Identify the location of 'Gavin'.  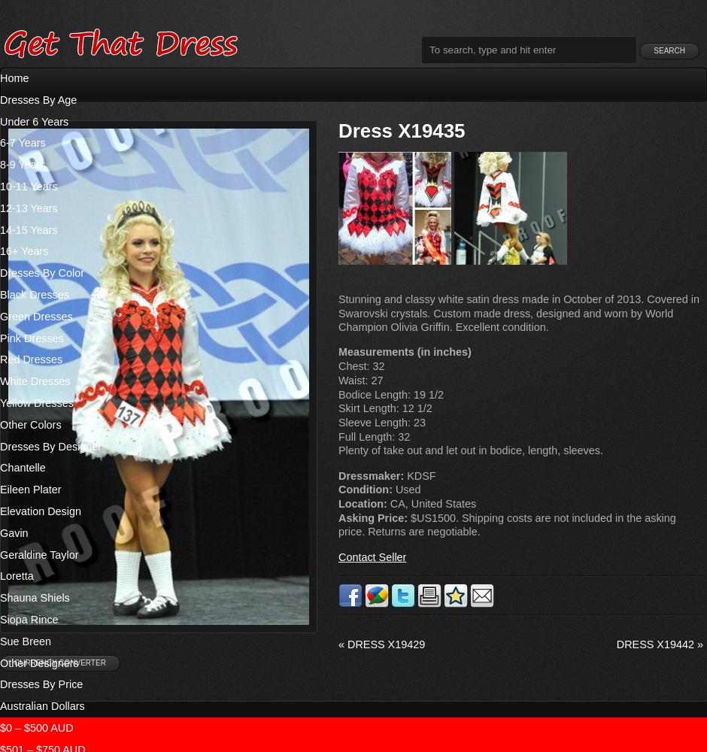
(14, 532).